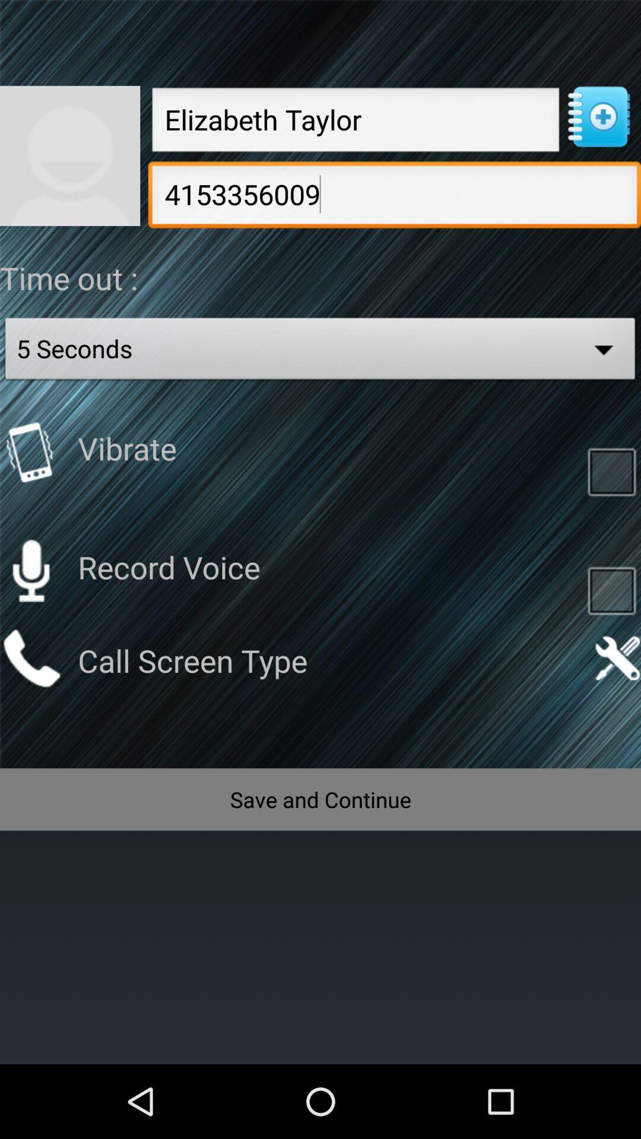 The width and height of the screenshot is (641, 1139). Describe the element at coordinates (611, 470) in the screenshot. I see `vibrate` at that location.